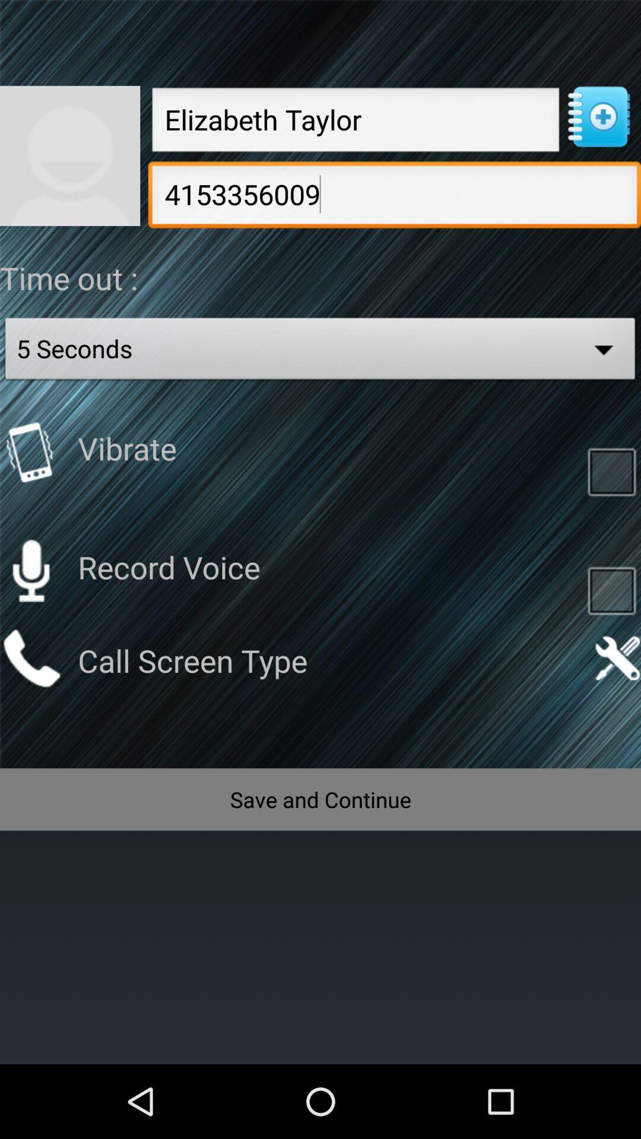 The width and height of the screenshot is (641, 1139). Describe the element at coordinates (611, 470) in the screenshot. I see `vibrate` at that location.